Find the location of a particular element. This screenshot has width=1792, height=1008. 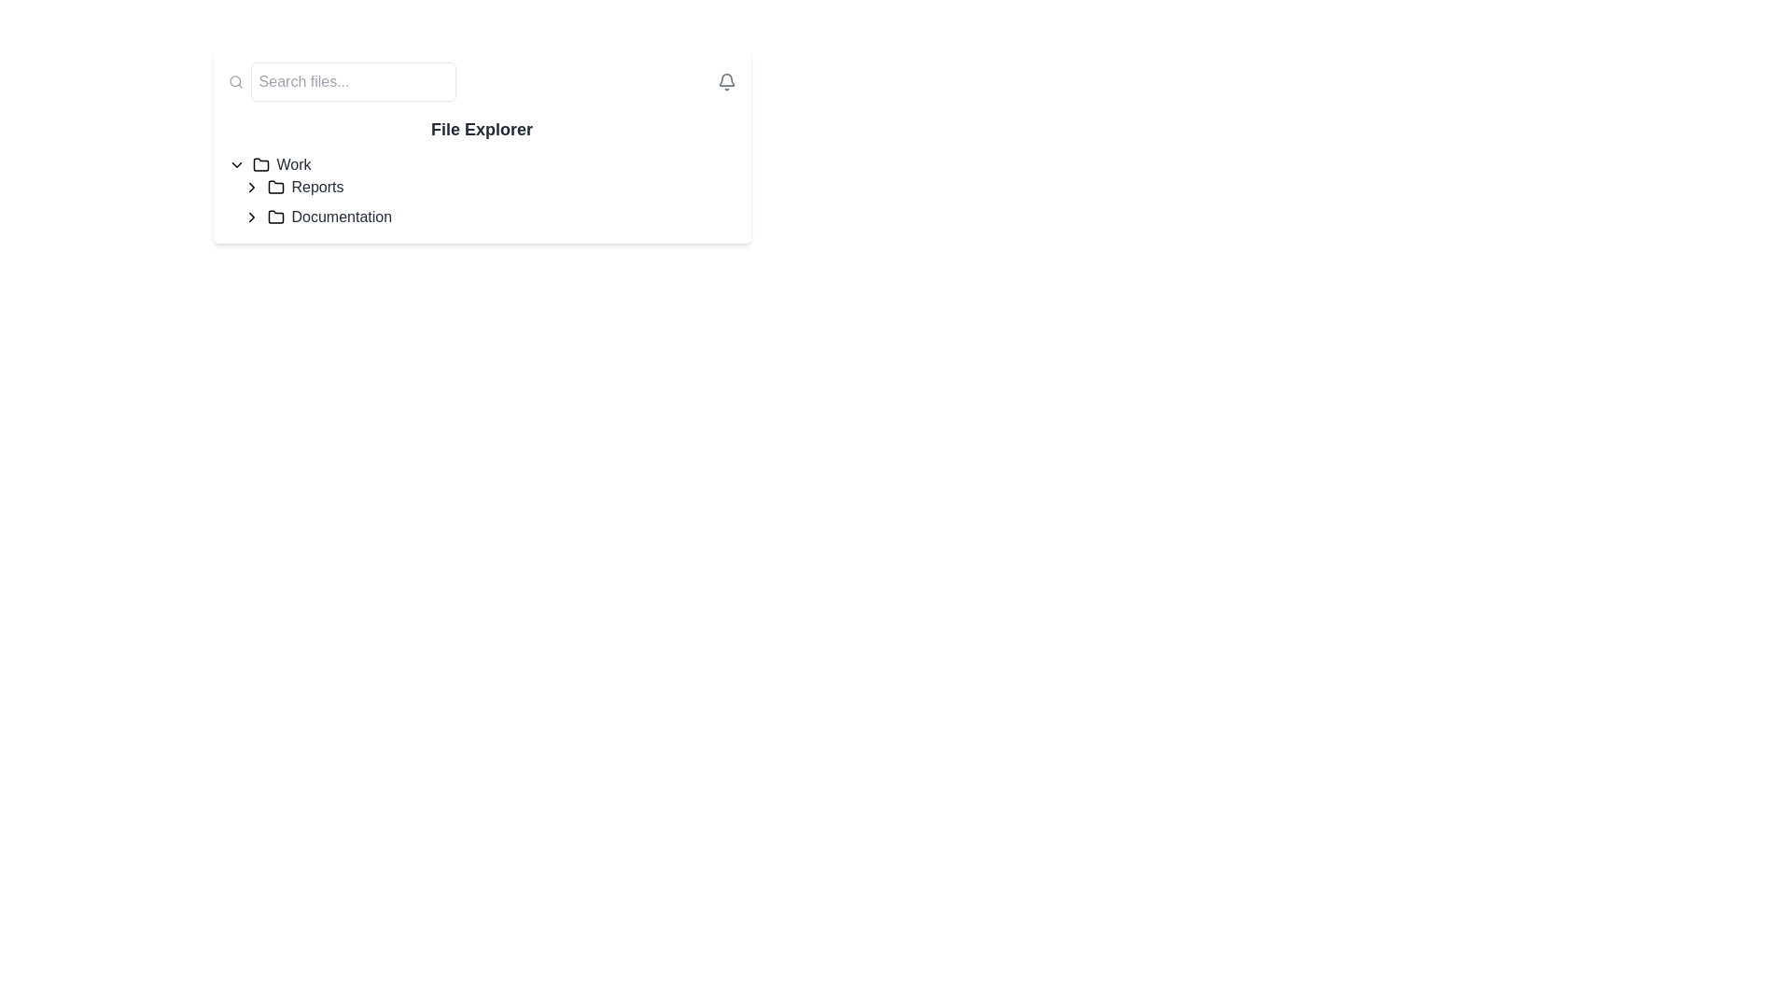

the Collapsible folder node located between the 'Work' folder and the 'Documentation' folder in the file explorer is located at coordinates (489, 187).